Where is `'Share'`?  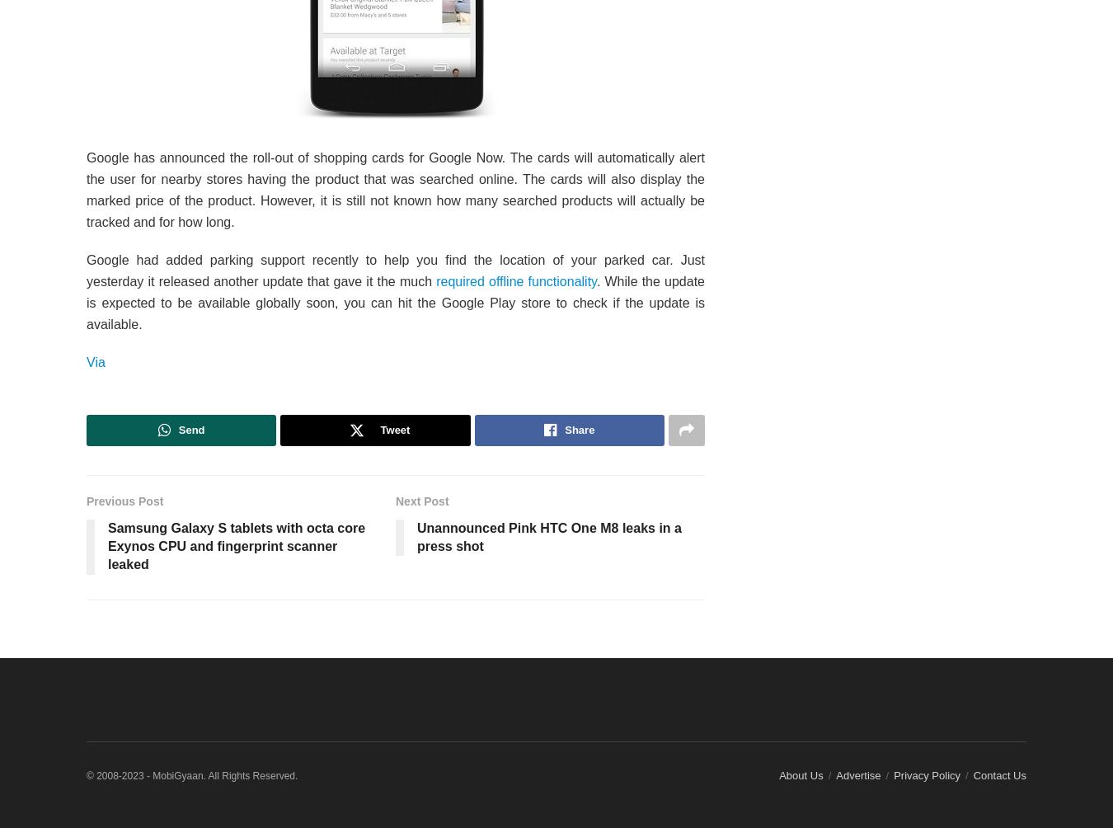
'Share' is located at coordinates (578, 430).